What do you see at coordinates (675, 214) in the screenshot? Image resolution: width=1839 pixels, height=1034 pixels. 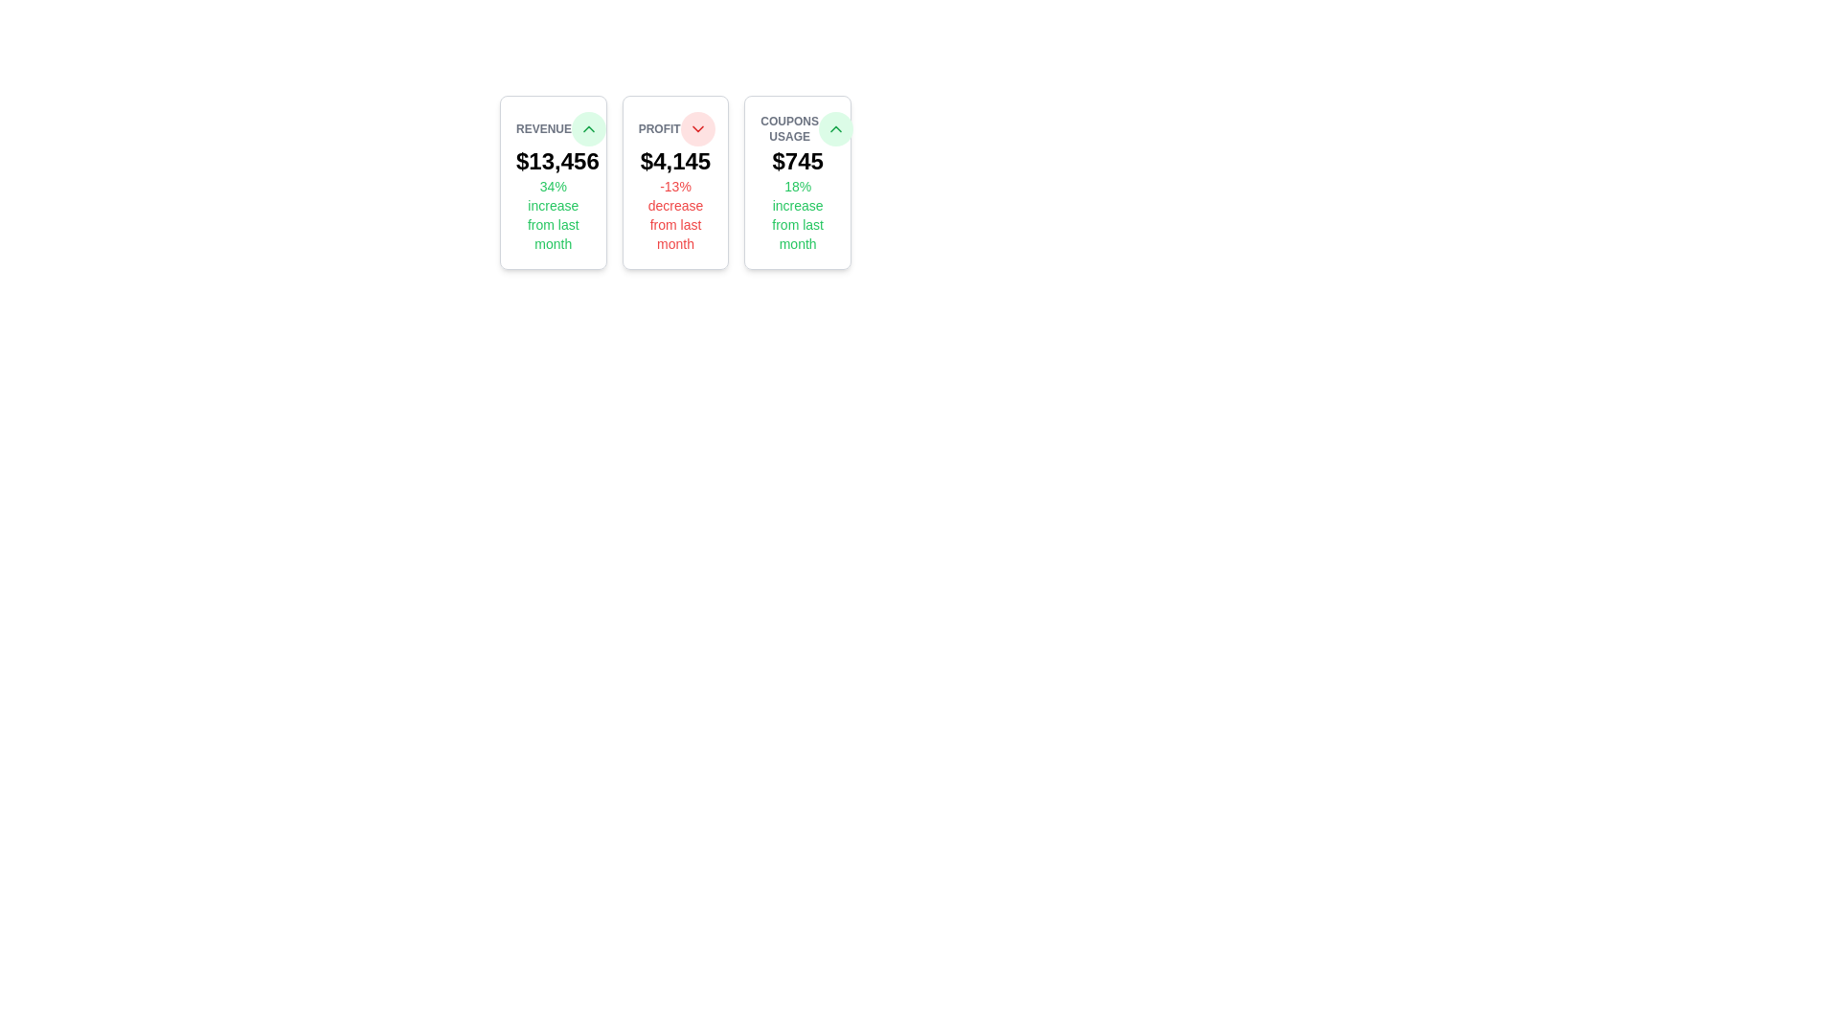 I see `the text label indicating a negative performance metric, displayed in red font and stating '-13% decrease from last month', located beneath the large bold number '$4,145' in the second 'Profit' card` at bounding box center [675, 214].